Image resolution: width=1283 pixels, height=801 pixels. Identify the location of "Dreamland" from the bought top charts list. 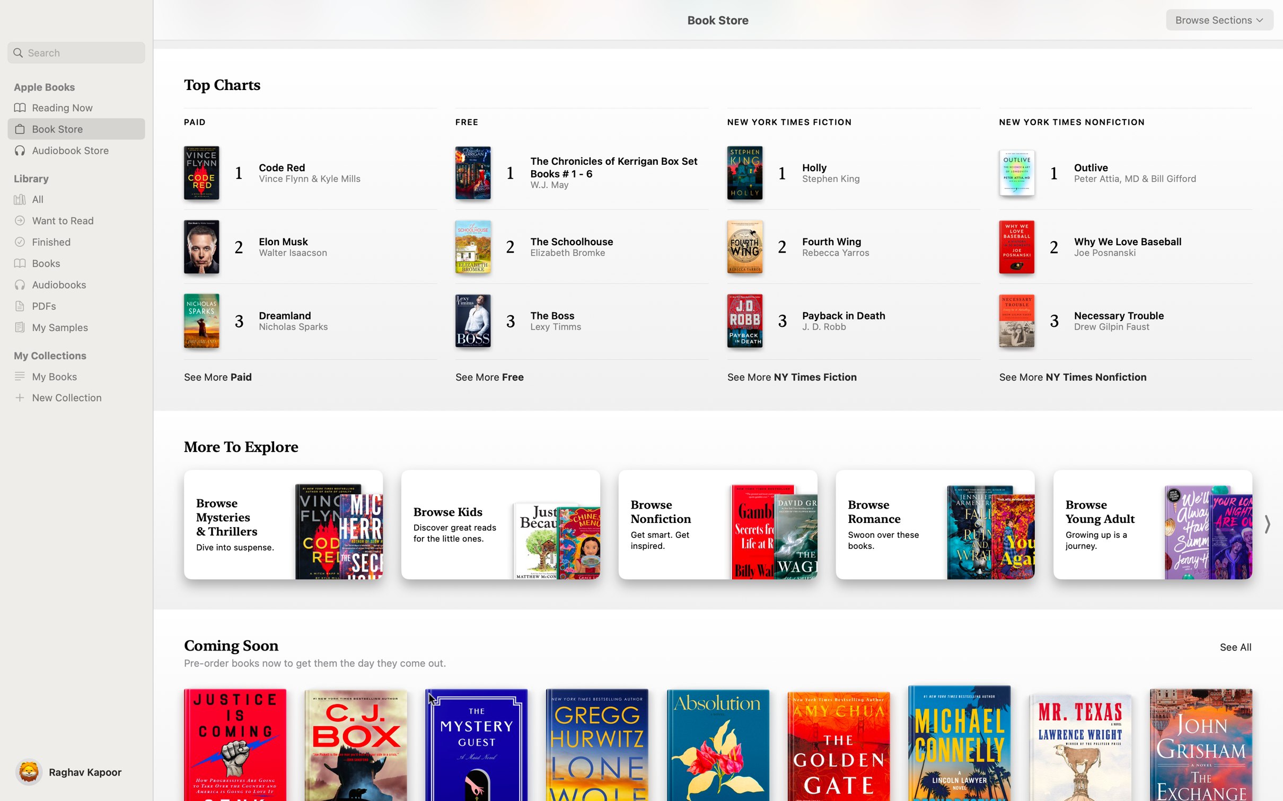
(300, 321).